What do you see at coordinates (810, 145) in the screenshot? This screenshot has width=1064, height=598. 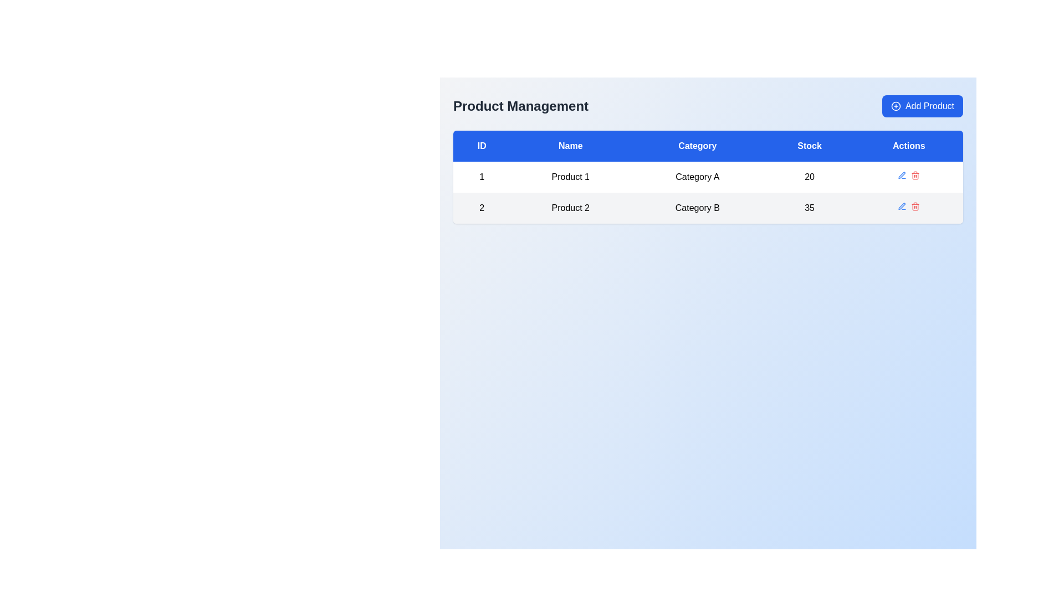 I see `the label for the stock quantities column, which is the fourth column in the header row of the table` at bounding box center [810, 145].